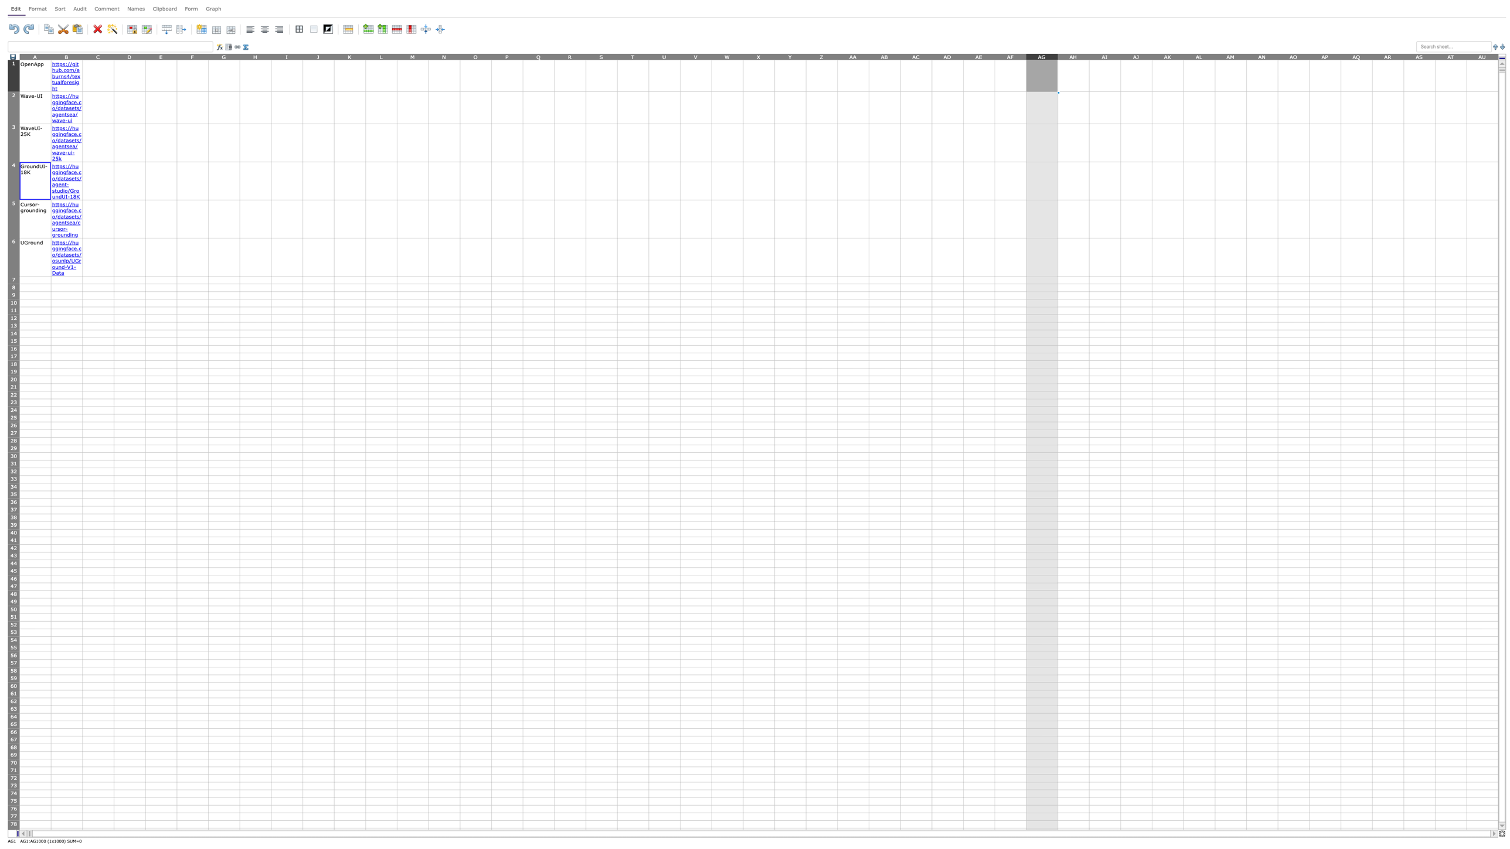 The height and width of the screenshot is (849, 1510). What do you see at coordinates (1073, 56) in the screenshot?
I see `to select column AH` at bounding box center [1073, 56].